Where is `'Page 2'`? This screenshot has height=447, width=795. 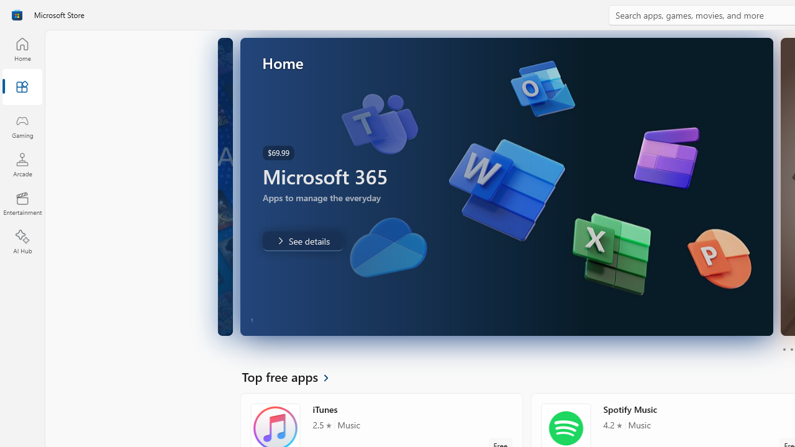
'Page 2' is located at coordinates (791, 350).